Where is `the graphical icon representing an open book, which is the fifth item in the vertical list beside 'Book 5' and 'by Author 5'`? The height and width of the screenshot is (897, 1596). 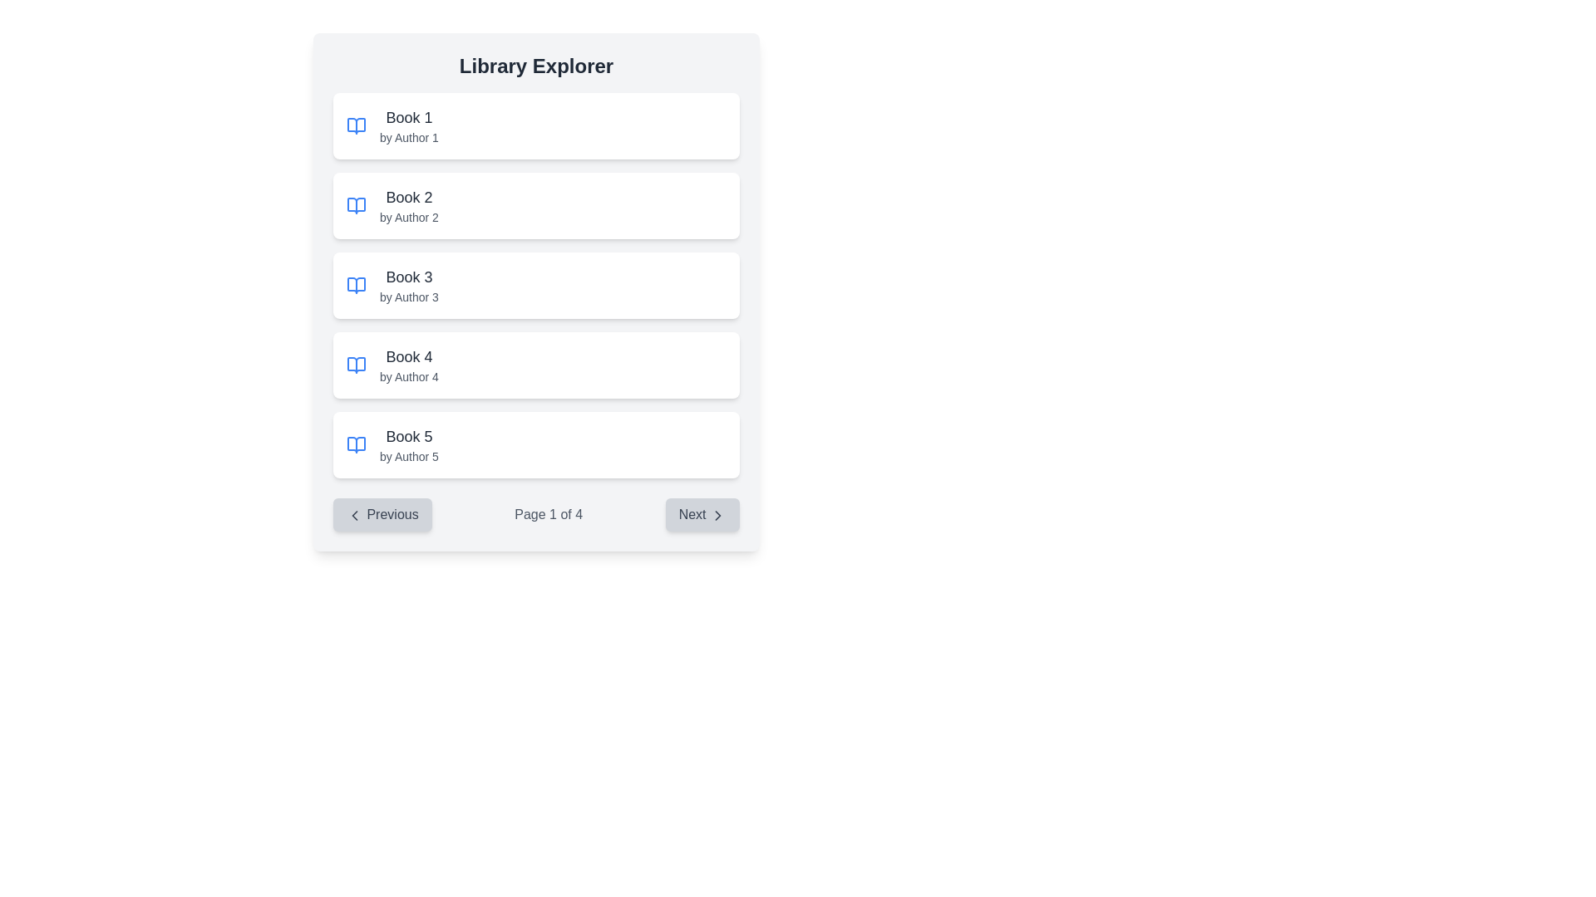
the graphical icon representing an open book, which is the fifth item in the vertical list beside 'Book 5' and 'by Author 5' is located at coordinates (355, 444).